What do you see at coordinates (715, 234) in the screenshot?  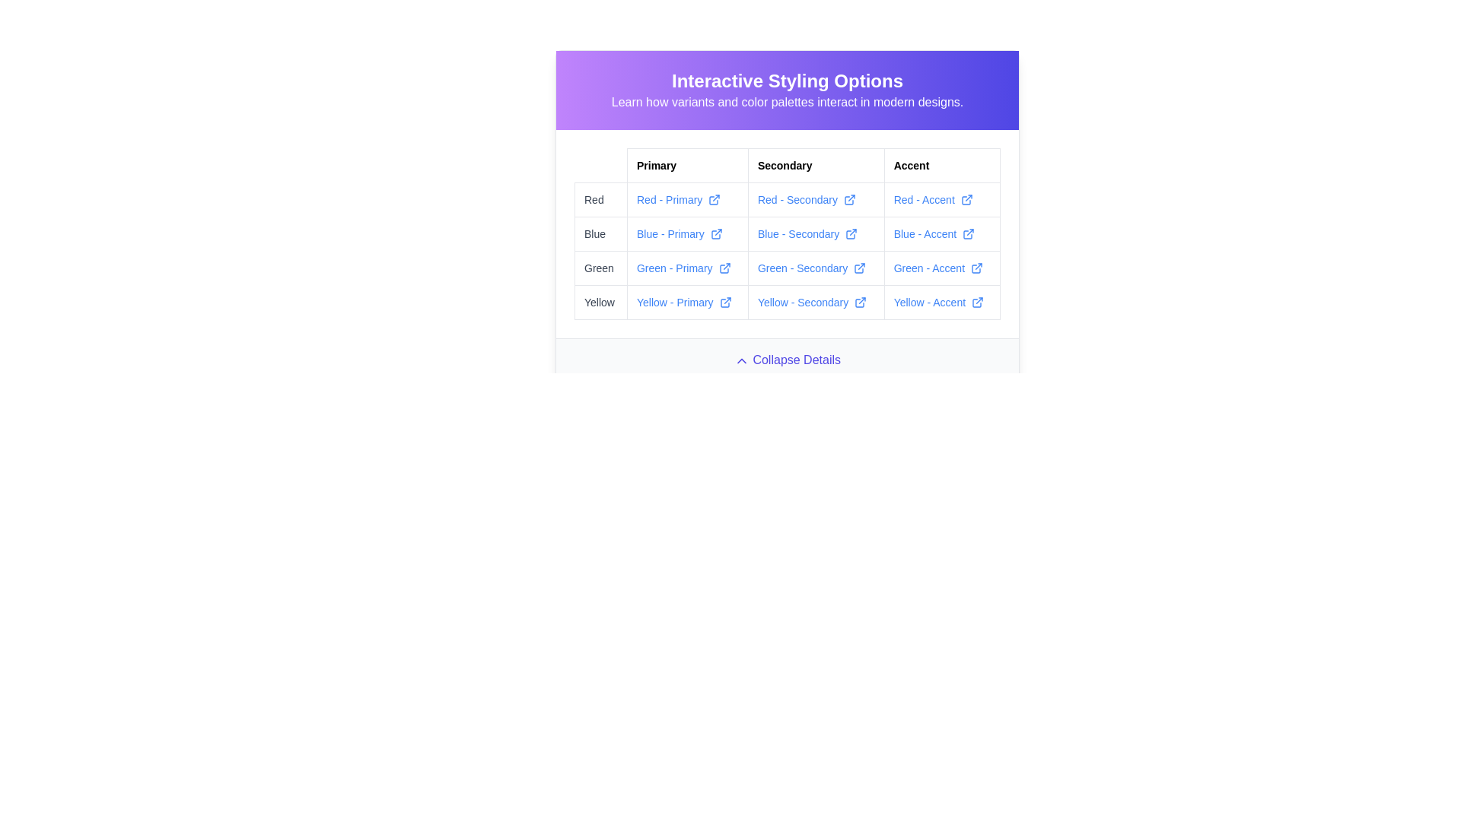 I see `the SVG icon within the 'Blue - Primary' cell of the table under the 'Interactive Styling Options' header` at bounding box center [715, 234].